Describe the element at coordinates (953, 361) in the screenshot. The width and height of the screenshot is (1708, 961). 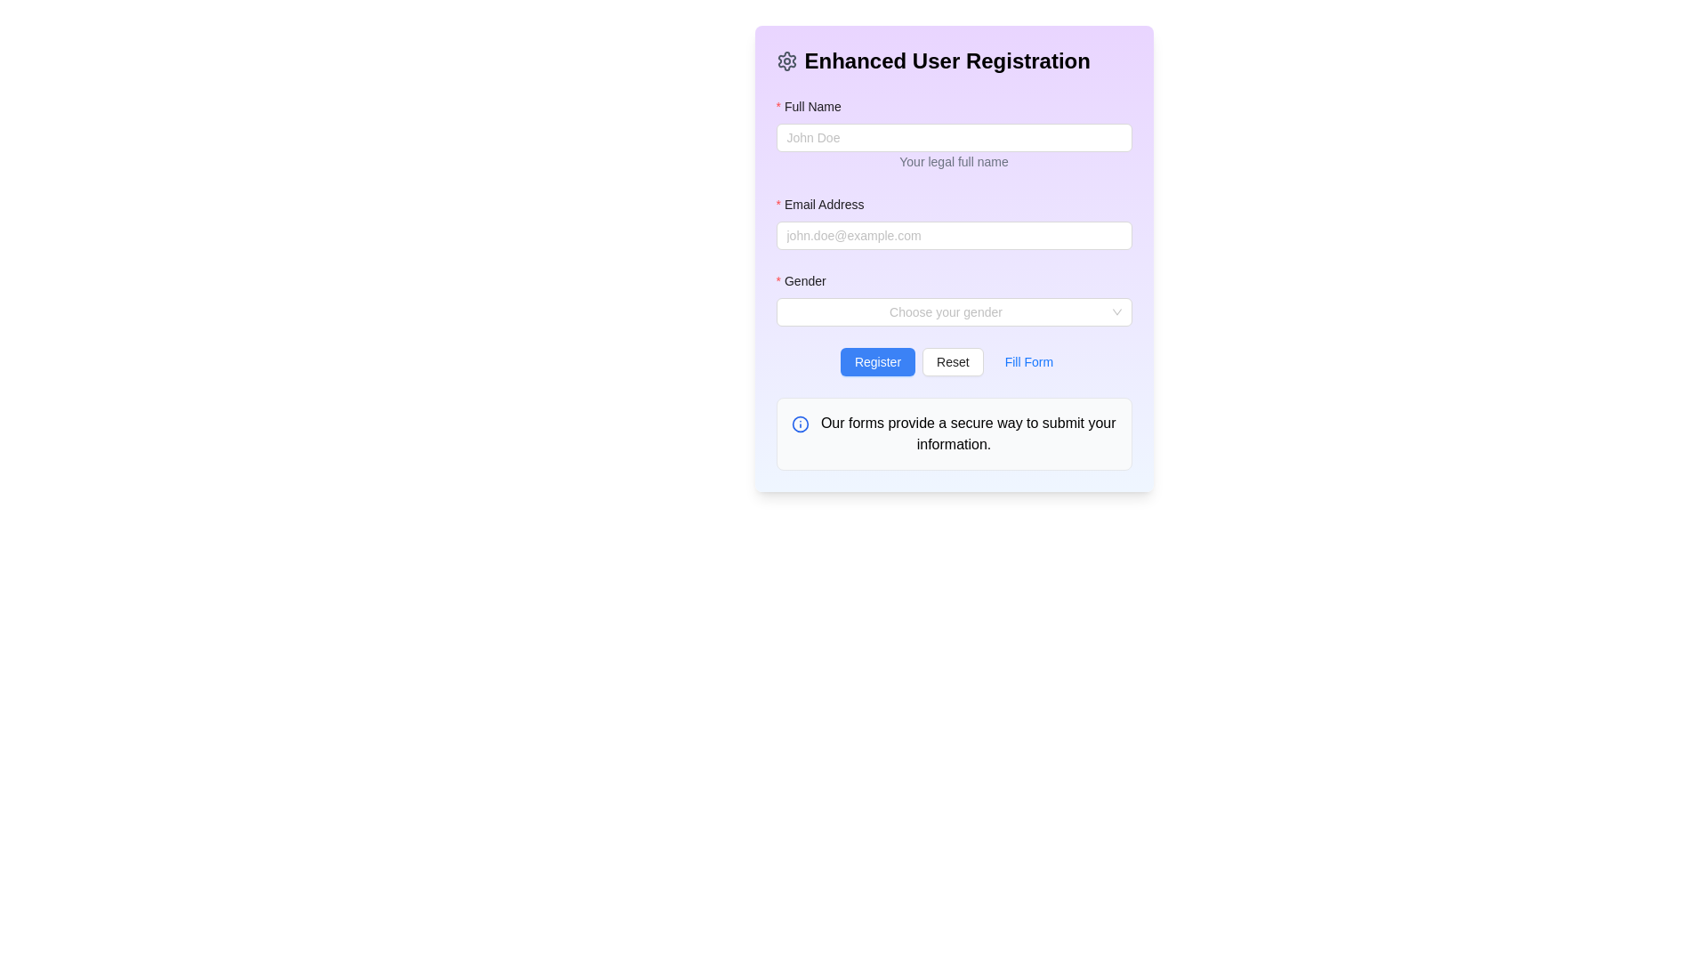
I see `the 'Reset' button located between 'Register' and 'Fill Form' at the bottom of the registration form to clear all input fields` at that location.